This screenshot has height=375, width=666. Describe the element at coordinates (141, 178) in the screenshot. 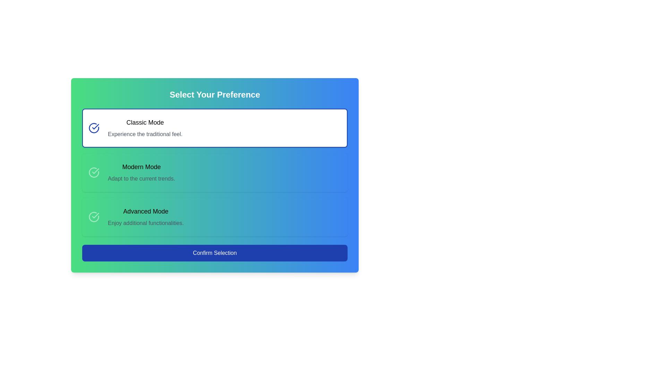

I see `the text label element displaying 'Adapt to the current trends.' which is located below the heading 'Modern Mode'` at that location.